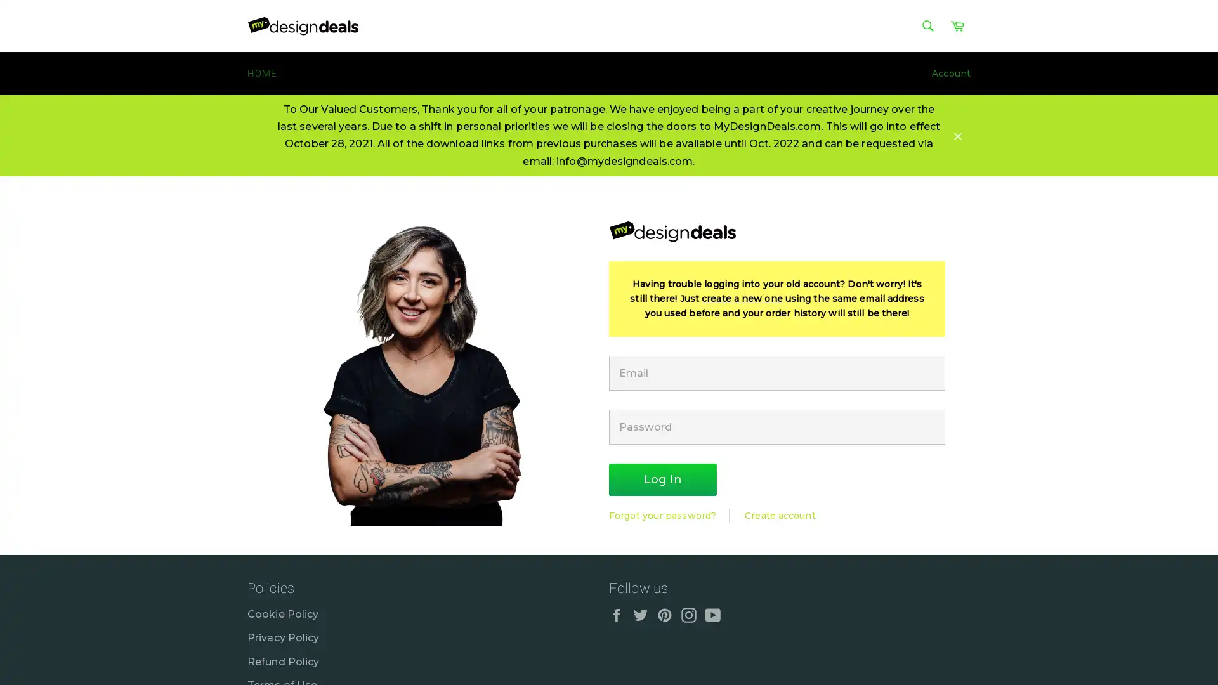 This screenshot has height=685, width=1218. Describe the element at coordinates (662, 480) in the screenshot. I see `Log In` at that location.